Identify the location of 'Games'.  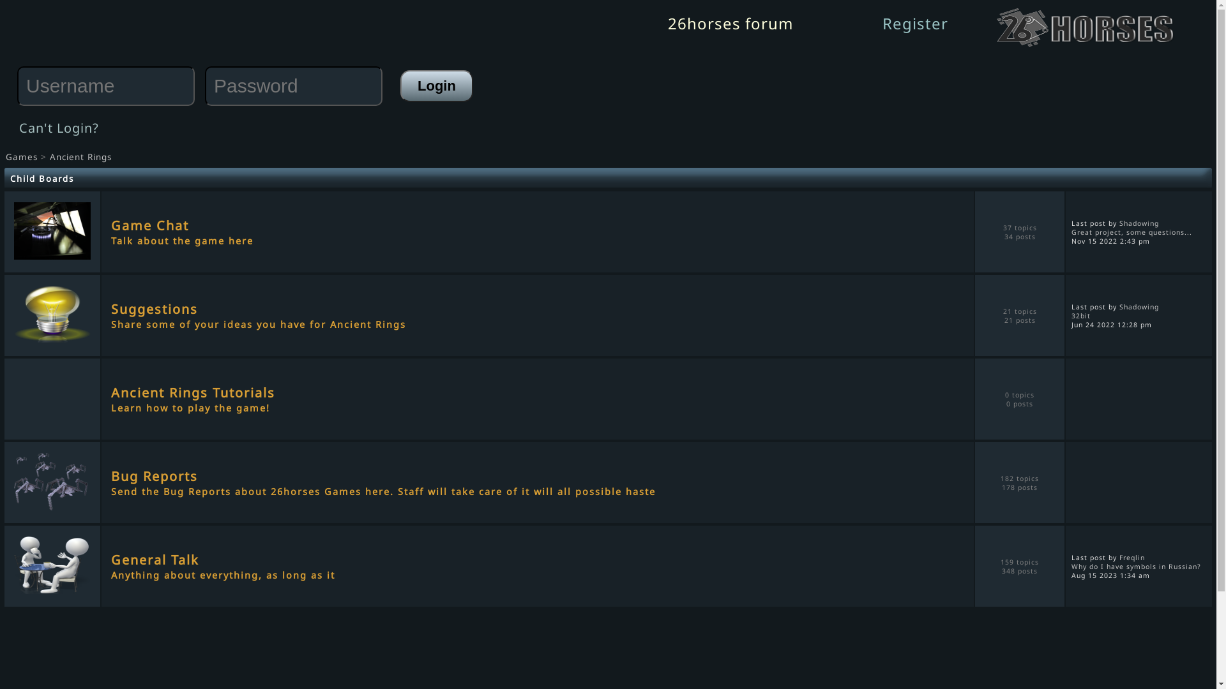
(21, 156).